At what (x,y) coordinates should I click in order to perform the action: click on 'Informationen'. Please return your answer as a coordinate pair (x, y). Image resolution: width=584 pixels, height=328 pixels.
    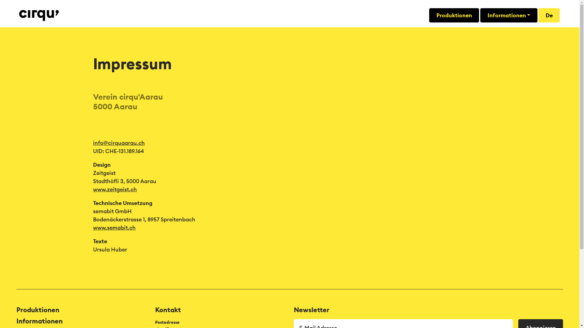
    Looking at the image, I should click on (509, 15).